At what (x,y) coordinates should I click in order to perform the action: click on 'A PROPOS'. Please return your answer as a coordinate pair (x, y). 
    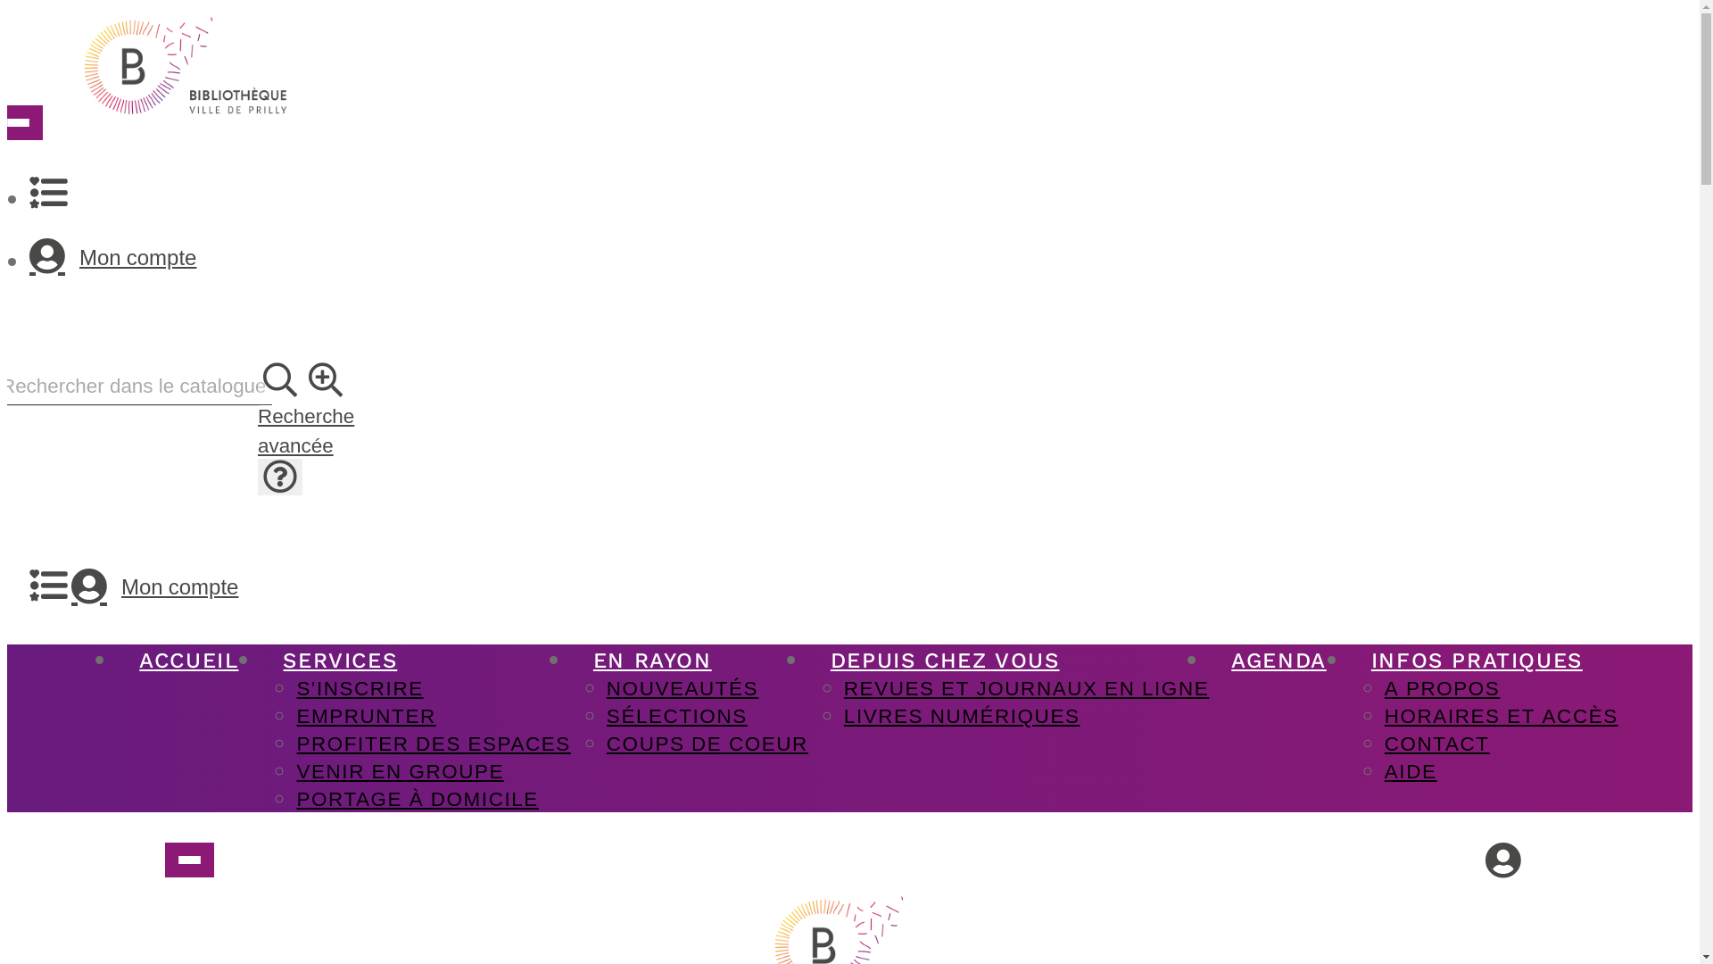
    Looking at the image, I should click on (1443, 686).